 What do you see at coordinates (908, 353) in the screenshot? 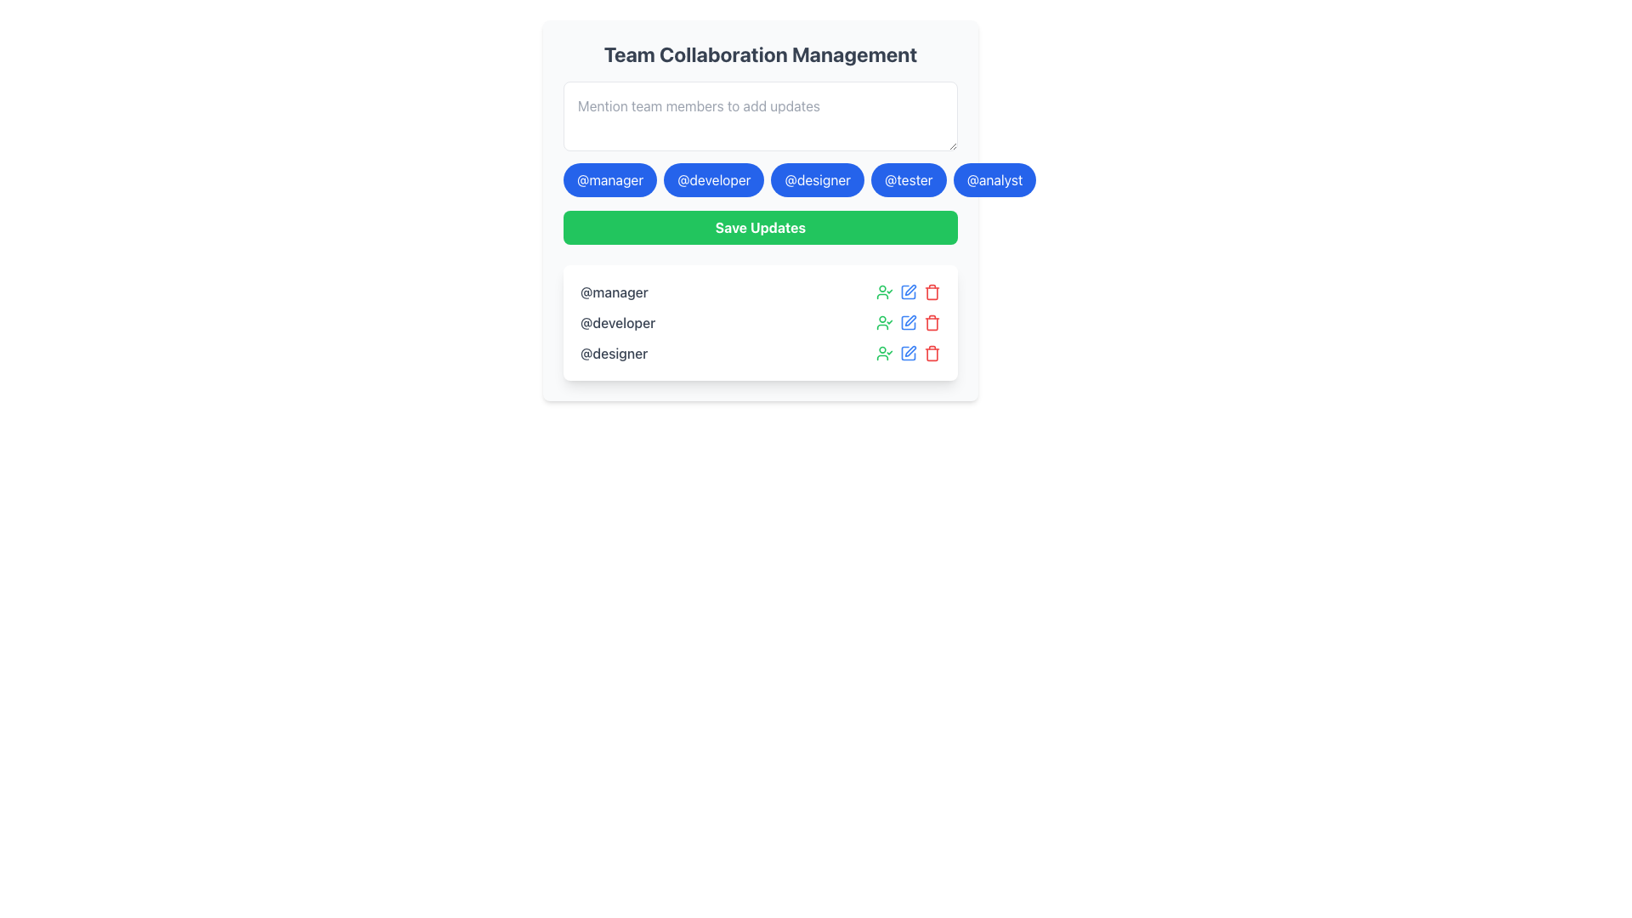
I see `the Icon representing a graphical component for editing, located near the '@designer' entry` at bounding box center [908, 353].